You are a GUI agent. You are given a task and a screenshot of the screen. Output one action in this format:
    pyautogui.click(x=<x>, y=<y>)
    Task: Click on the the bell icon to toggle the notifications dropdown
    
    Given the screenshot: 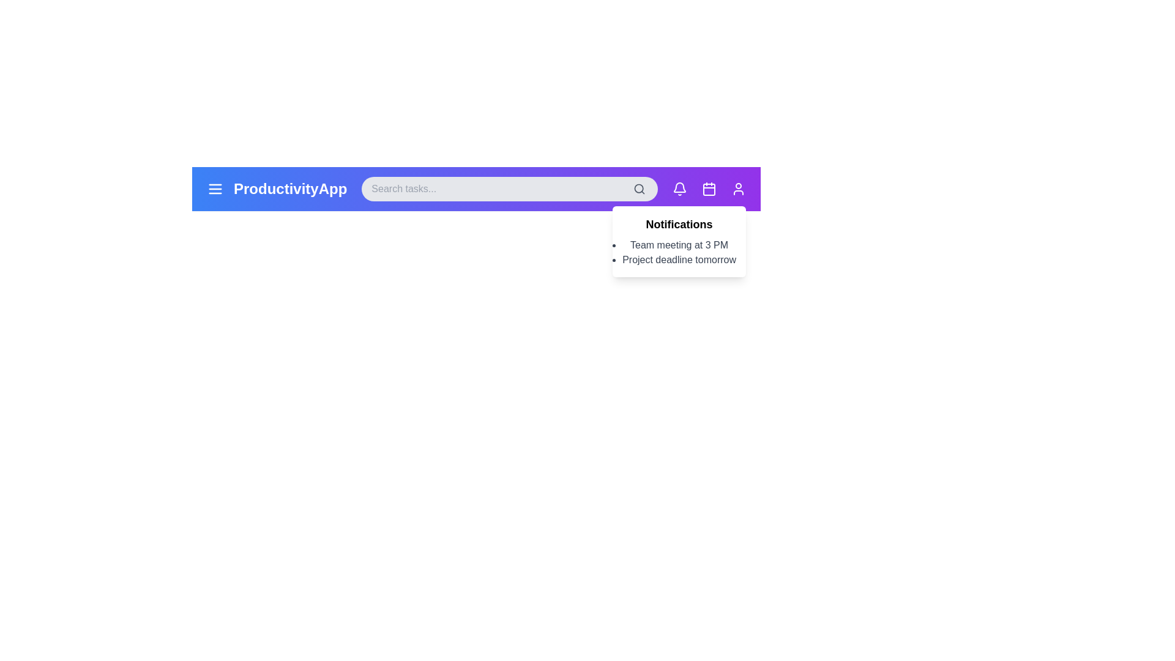 What is the action you would take?
    pyautogui.click(x=679, y=189)
    